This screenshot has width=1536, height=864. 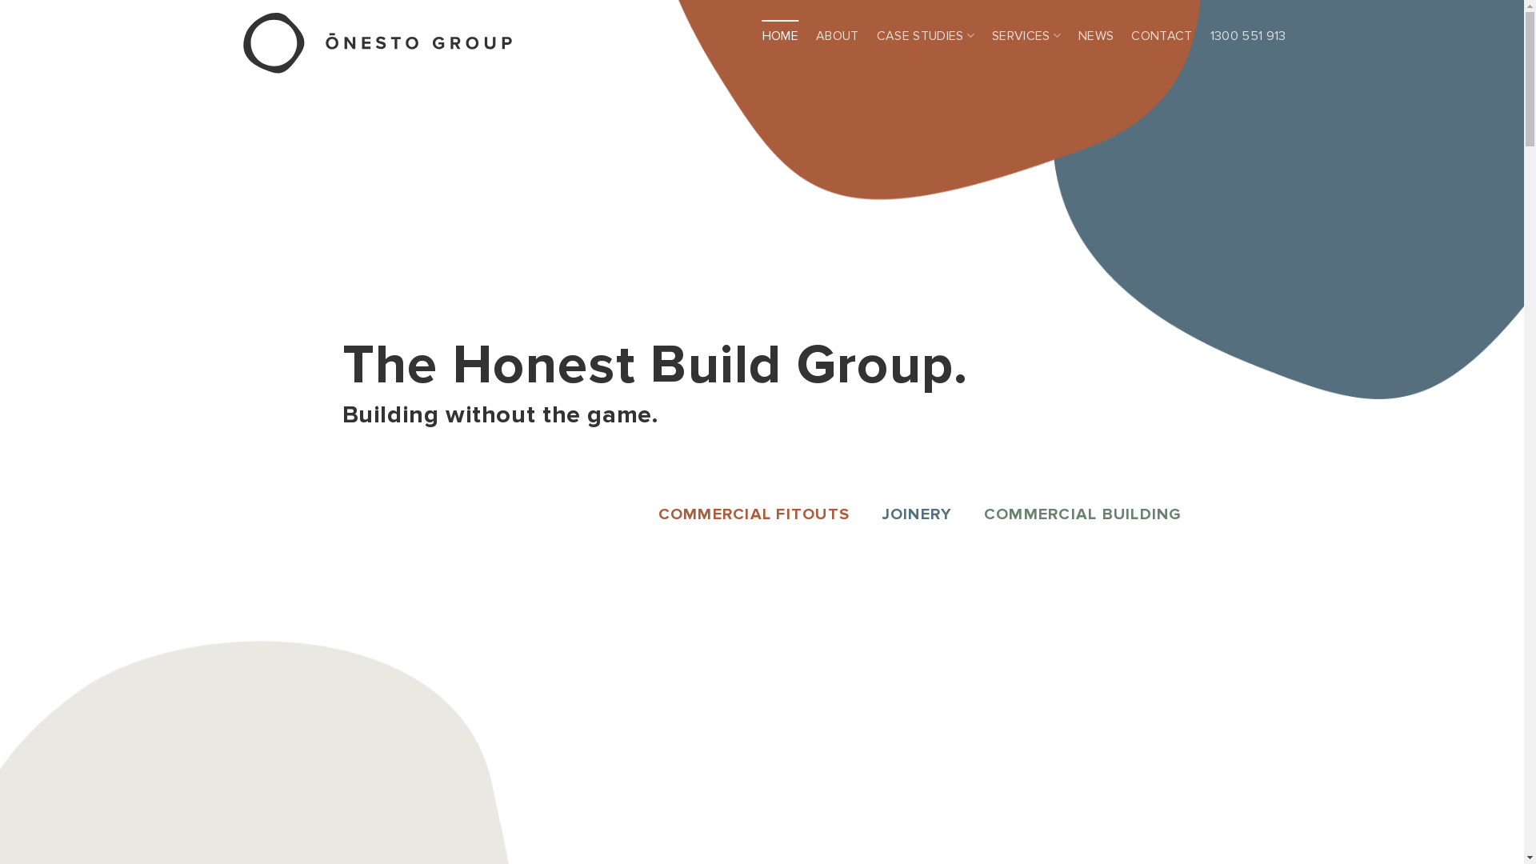 What do you see at coordinates (1082, 515) in the screenshot?
I see `'COMMERCIAL BUILDING'` at bounding box center [1082, 515].